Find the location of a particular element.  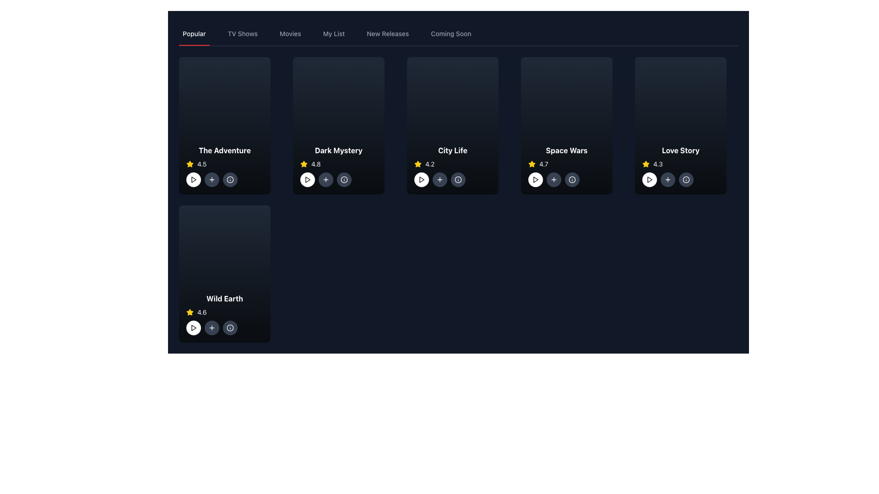

the circular SVG element located inside the icon below the 'The Adventure' card in the Popular movies section is located at coordinates (230, 180).